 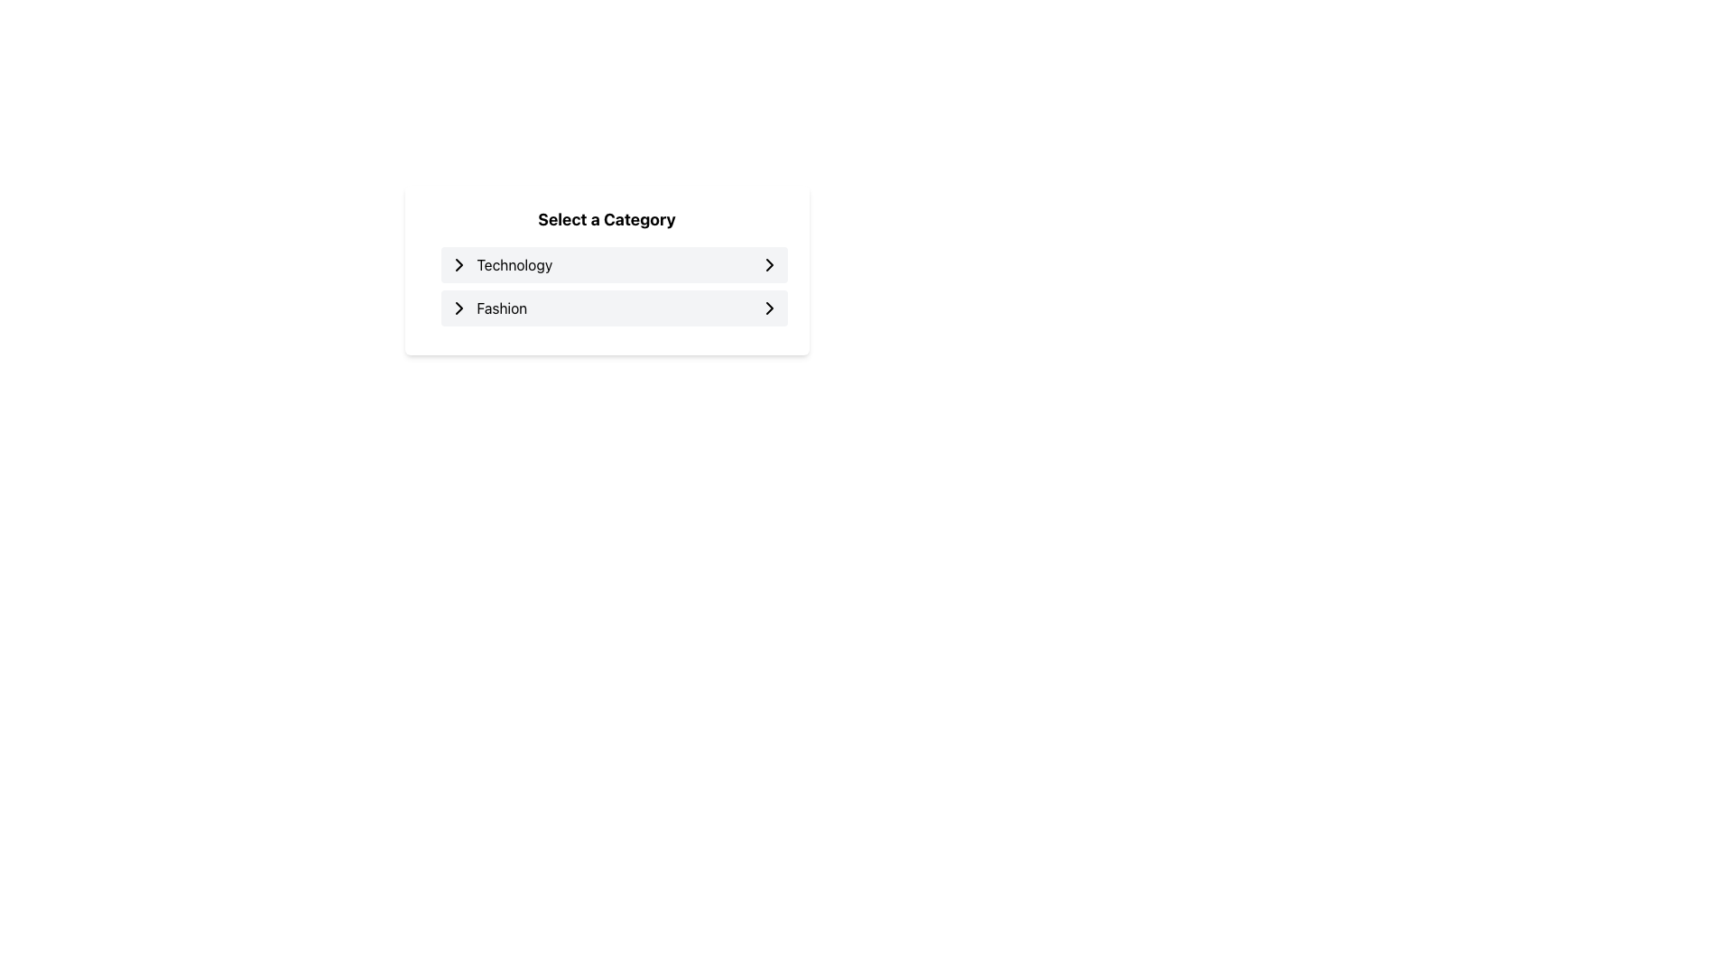 What do you see at coordinates (769, 264) in the screenshot?
I see `the icon located to the right of the 'Technology' label` at bounding box center [769, 264].